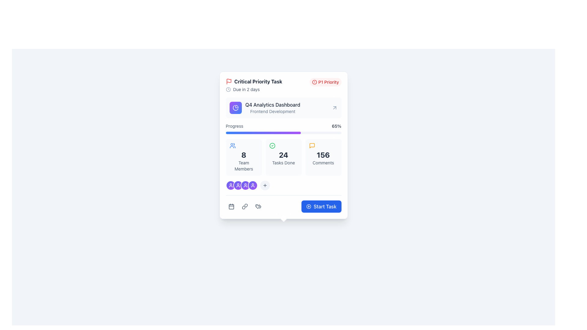 This screenshot has width=587, height=330. What do you see at coordinates (245, 185) in the screenshot?
I see `the fifth circular button with an icon representing a user avatar in a team setting, located below the 'Progress' bar and above the 'Start Task' button` at bounding box center [245, 185].